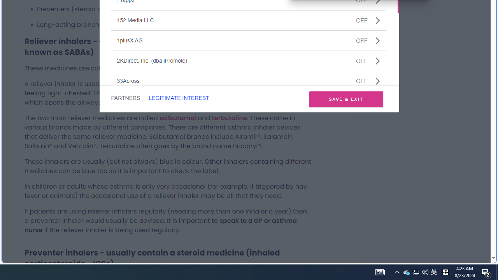 The height and width of the screenshot is (280, 498). Describe the element at coordinates (177, 118) in the screenshot. I see `'salbutamol'` at that location.